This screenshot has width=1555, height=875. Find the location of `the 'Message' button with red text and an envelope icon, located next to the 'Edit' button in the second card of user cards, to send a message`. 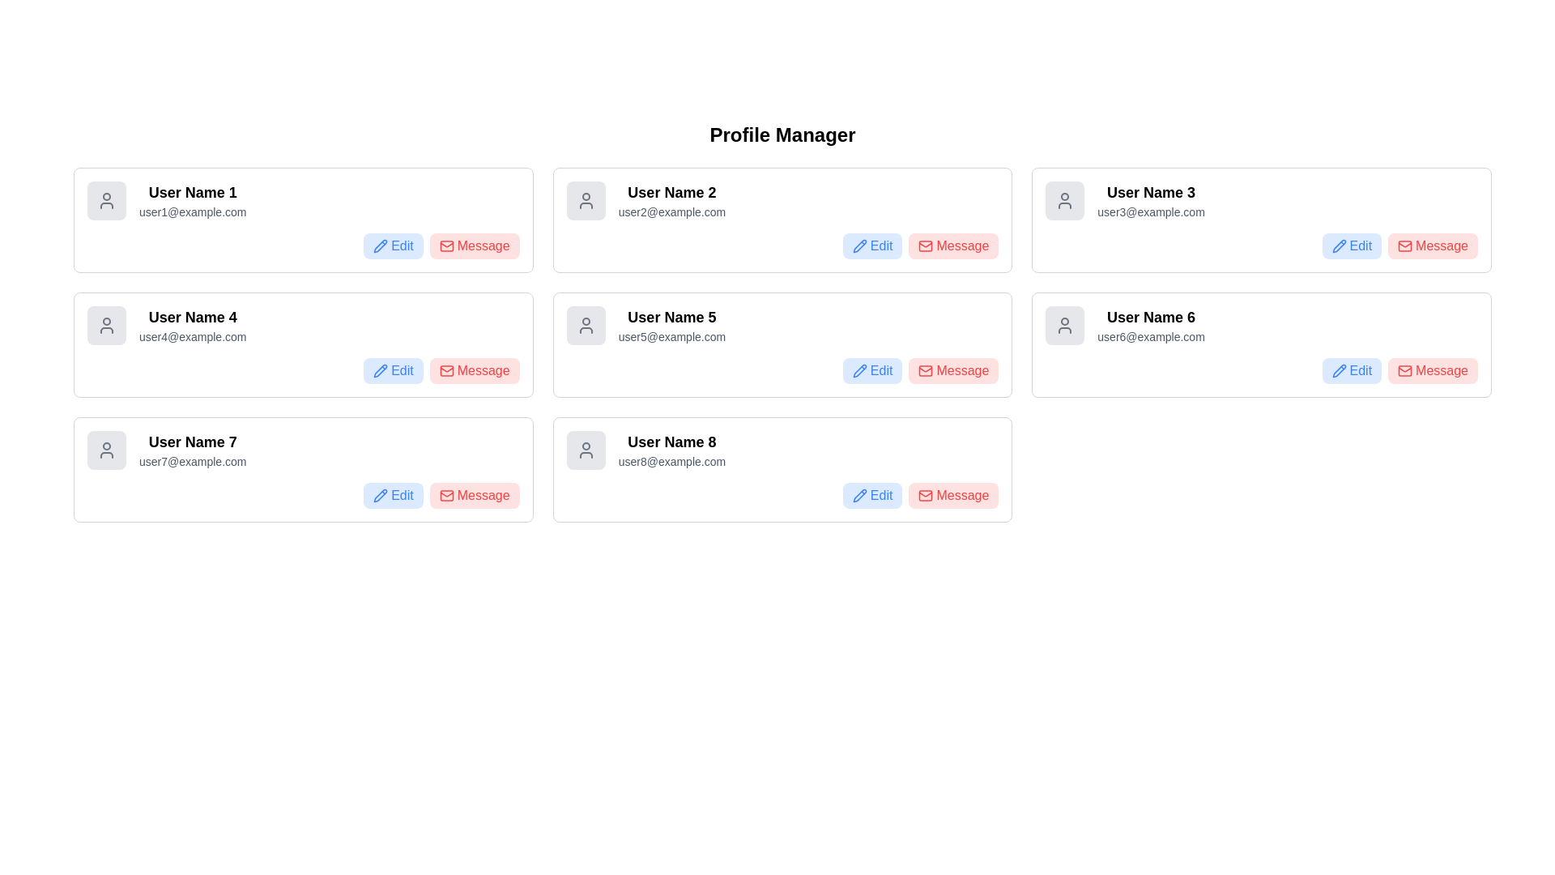

the 'Message' button with red text and an envelope icon, located next to the 'Edit' button in the second card of user cards, to send a message is located at coordinates (953, 246).